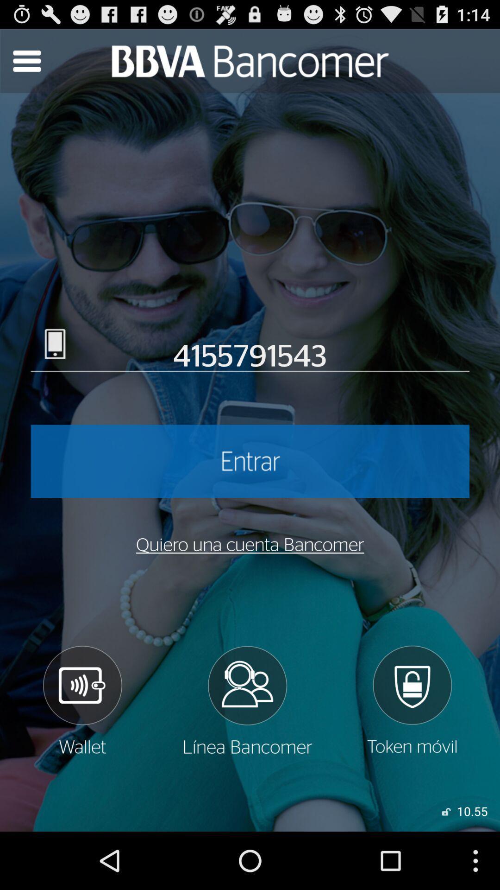  What do you see at coordinates (246, 700) in the screenshot?
I see `open linea bancomer` at bounding box center [246, 700].